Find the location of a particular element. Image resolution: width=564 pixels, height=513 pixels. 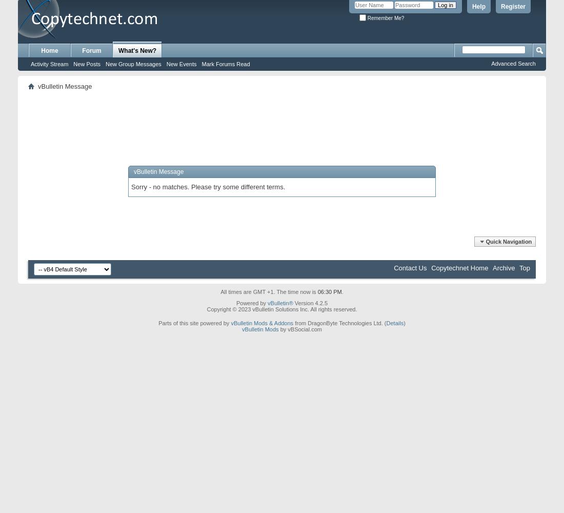

'Advanced Search' is located at coordinates (491, 63).